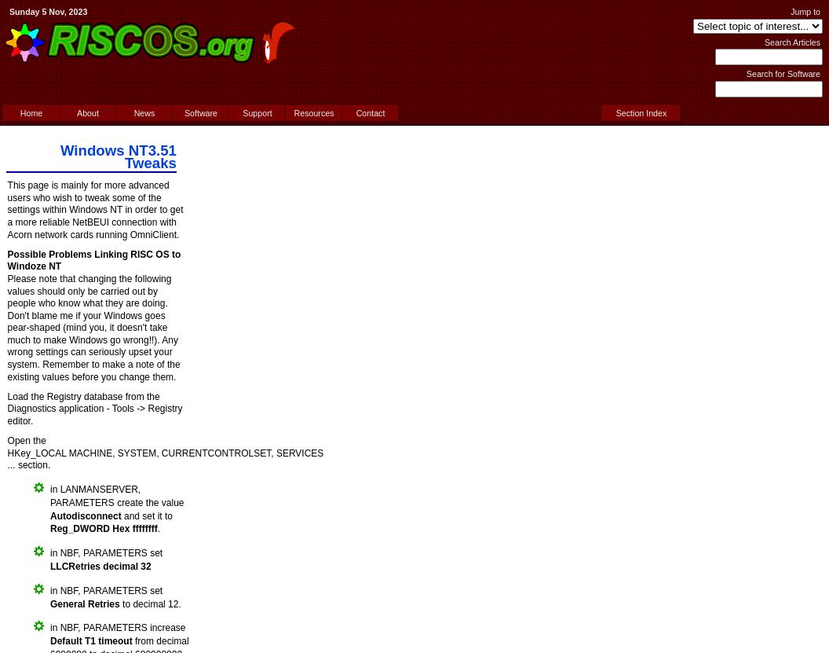 The image size is (829, 653). What do you see at coordinates (49, 640) in the screenshot?
I see `'Default T1 timeout'` at bounding box center [49, 640].